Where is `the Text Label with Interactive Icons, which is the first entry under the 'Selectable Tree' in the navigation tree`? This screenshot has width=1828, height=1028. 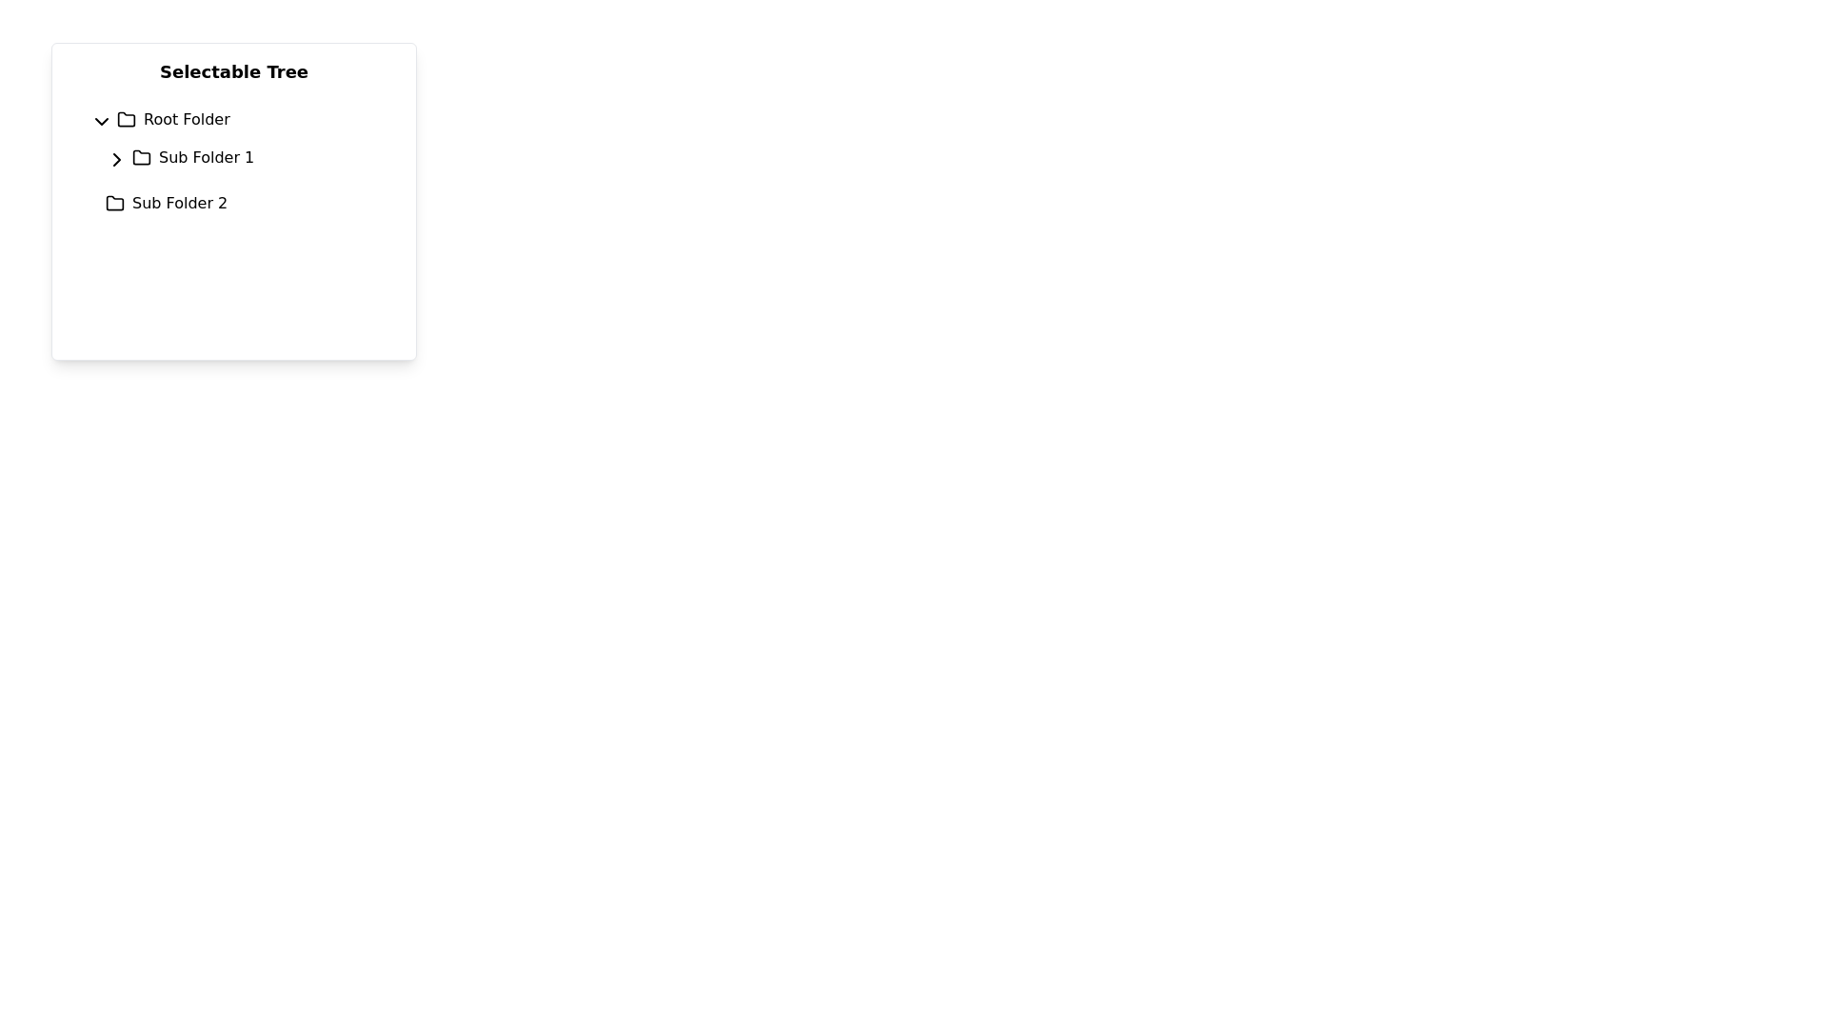 the Text Label with Interactive Icons, which is the first entry under the 'Selectable Tree' in the navigation tree is located at coordinates (248, 156).